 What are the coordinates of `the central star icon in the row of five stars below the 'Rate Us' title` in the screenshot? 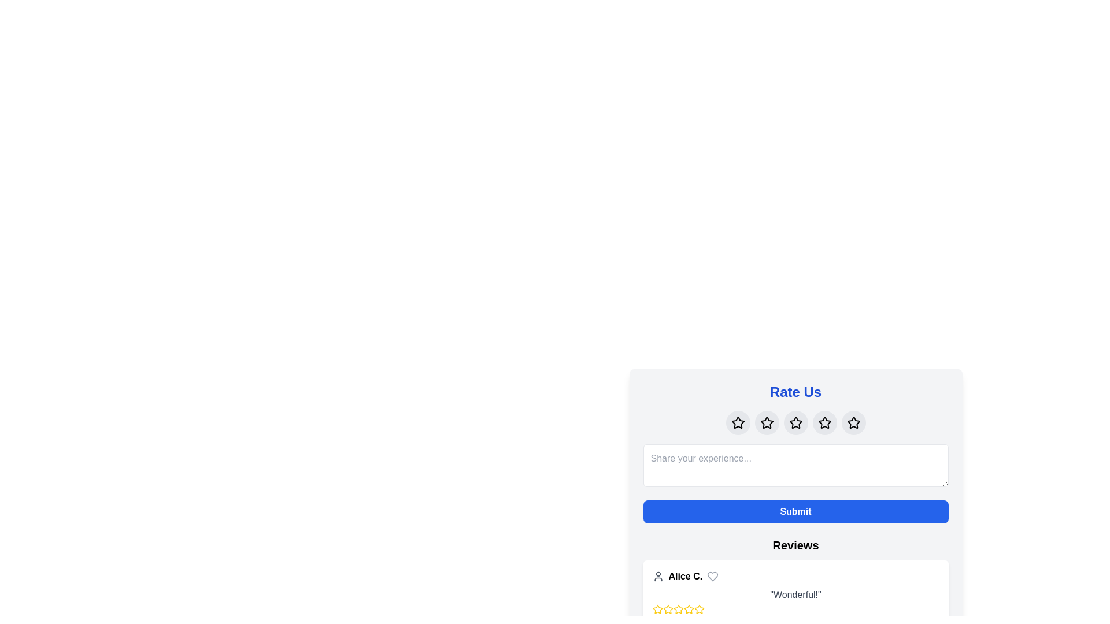 It's located at (767, 422).